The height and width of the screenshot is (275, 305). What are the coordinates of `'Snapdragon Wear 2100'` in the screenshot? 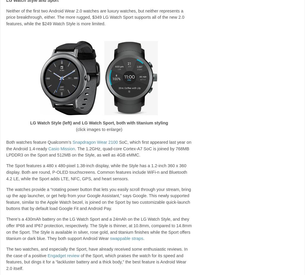 It's located at (95, 142).